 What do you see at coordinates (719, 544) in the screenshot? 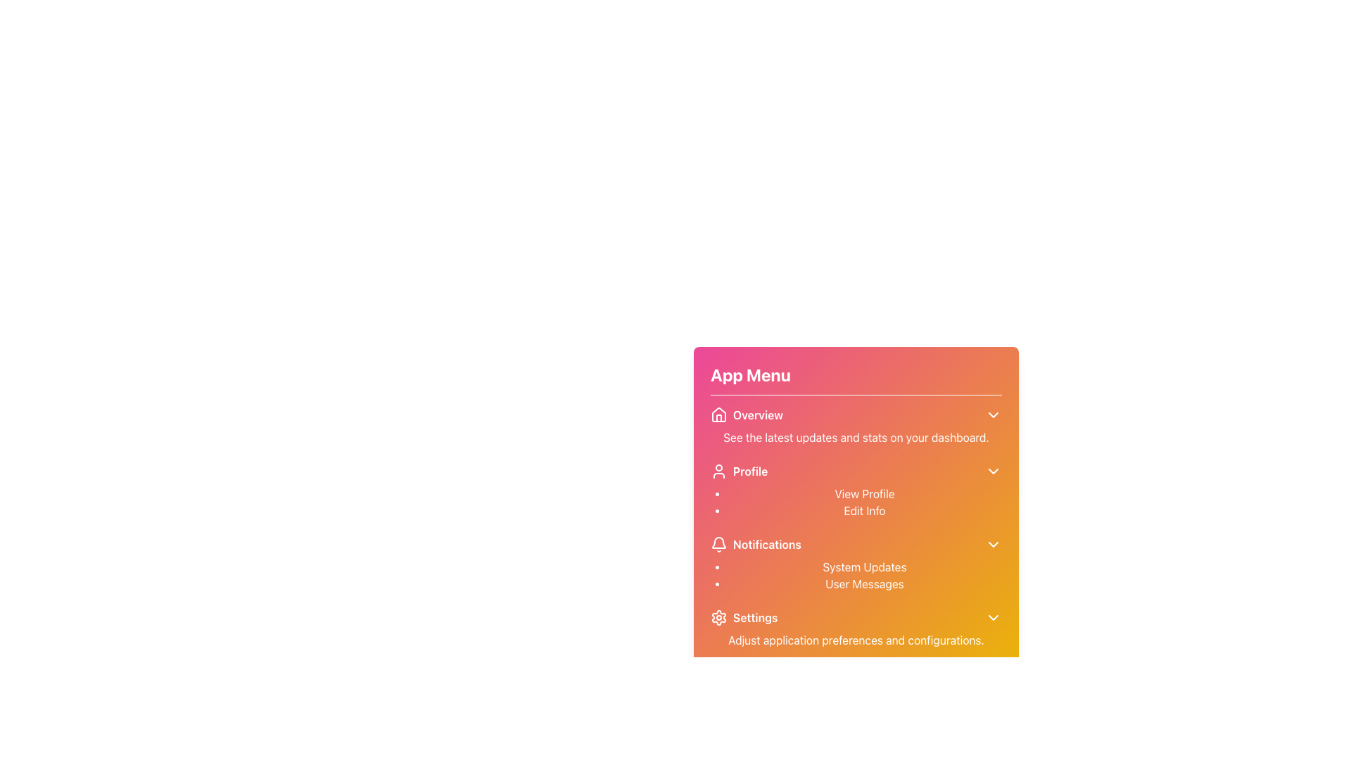
I see `the notifications icon located to the left of the 'Notifications' text in the application menu panel` at bounding box center [719, 544].